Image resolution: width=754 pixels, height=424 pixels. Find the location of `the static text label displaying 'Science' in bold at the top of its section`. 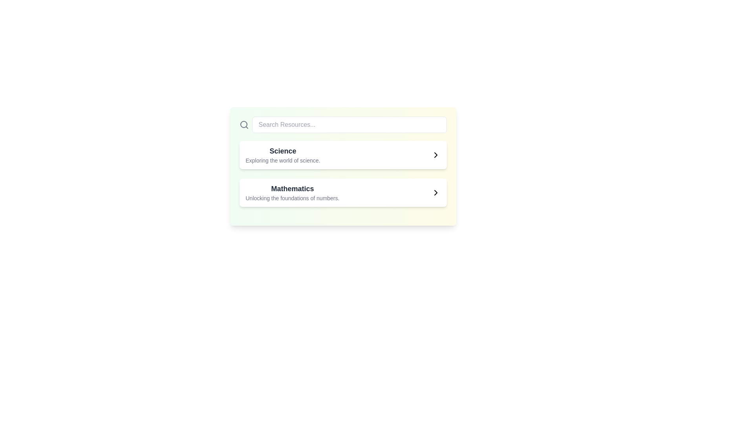

the static text label displaying 'Science' in bold at the top of its section is located at coordinates (283, 151).